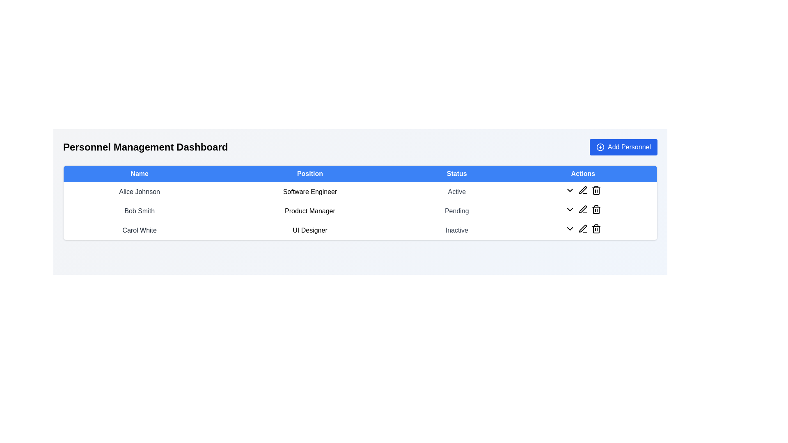 This screenshot has height=443, width=788. What do you see at coordinates (360, 192) in the screenshot?
I see `the text row entry for 'Alice Johnson', a personnel entry in the first row of the table` at bounding box center [360, 192].